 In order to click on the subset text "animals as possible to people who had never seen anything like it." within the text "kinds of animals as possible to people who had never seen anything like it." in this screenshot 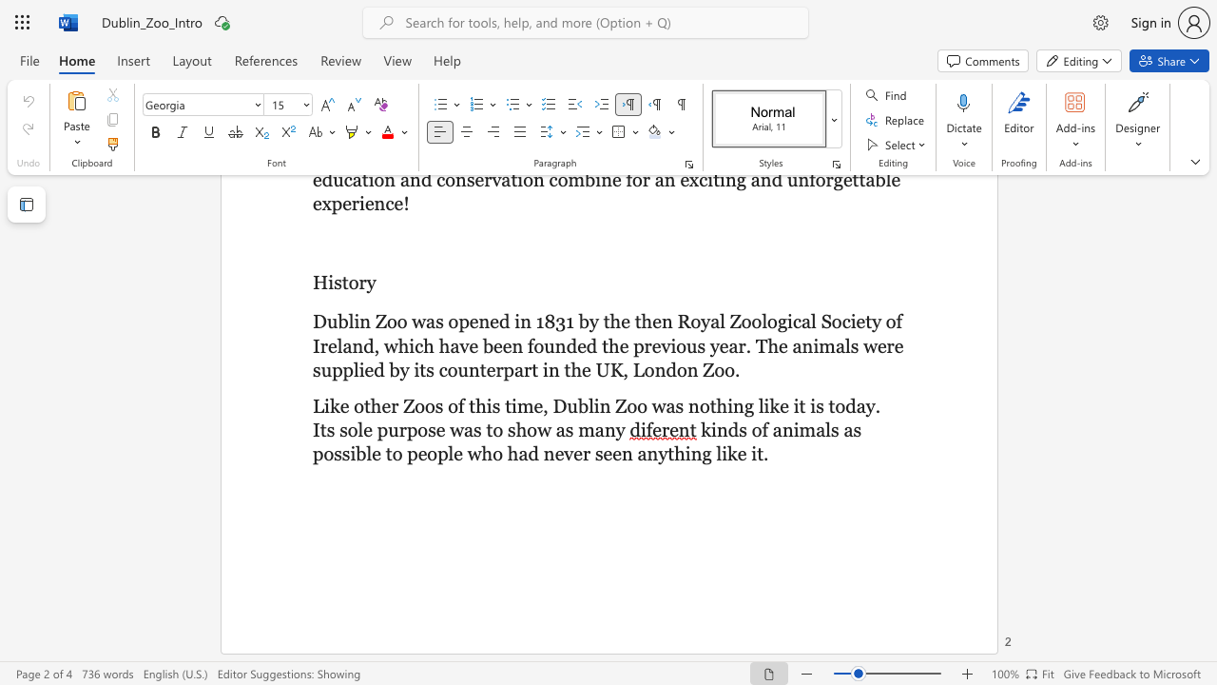, I will do `click(772, 430)`.